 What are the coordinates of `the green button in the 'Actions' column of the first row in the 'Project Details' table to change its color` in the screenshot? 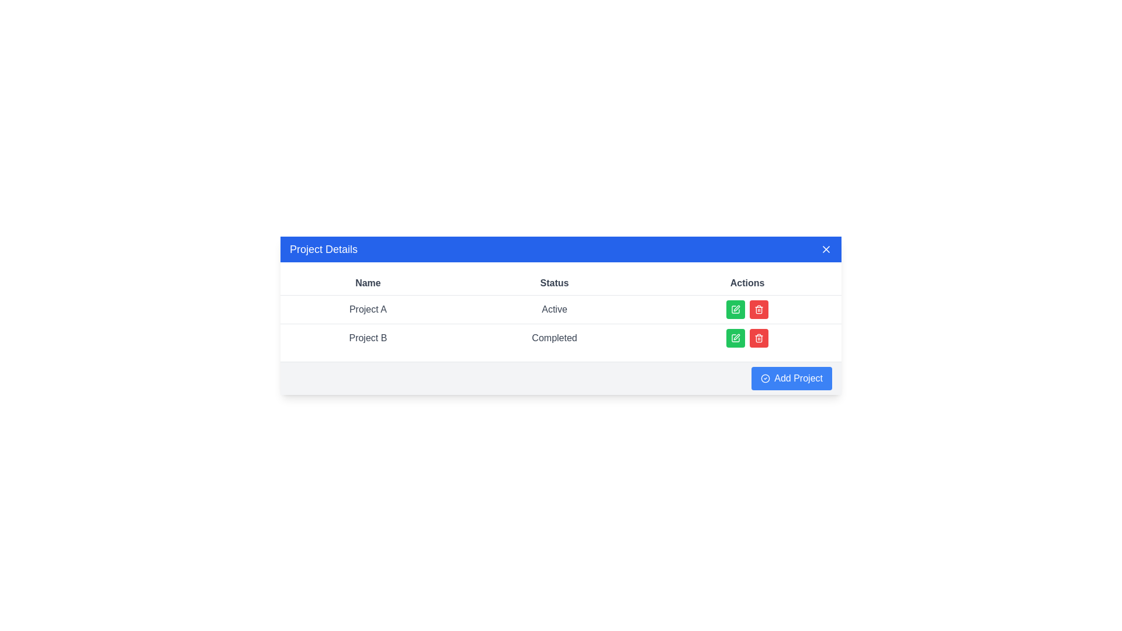 It's located at (735, 308).